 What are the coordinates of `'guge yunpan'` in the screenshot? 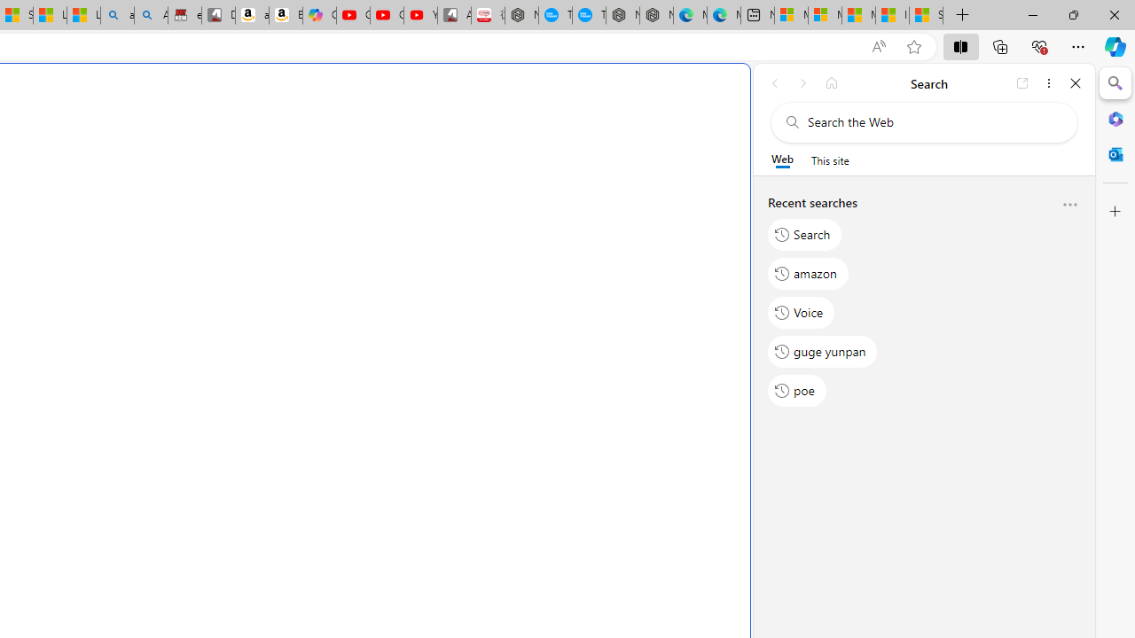 It's located at (822, 351).